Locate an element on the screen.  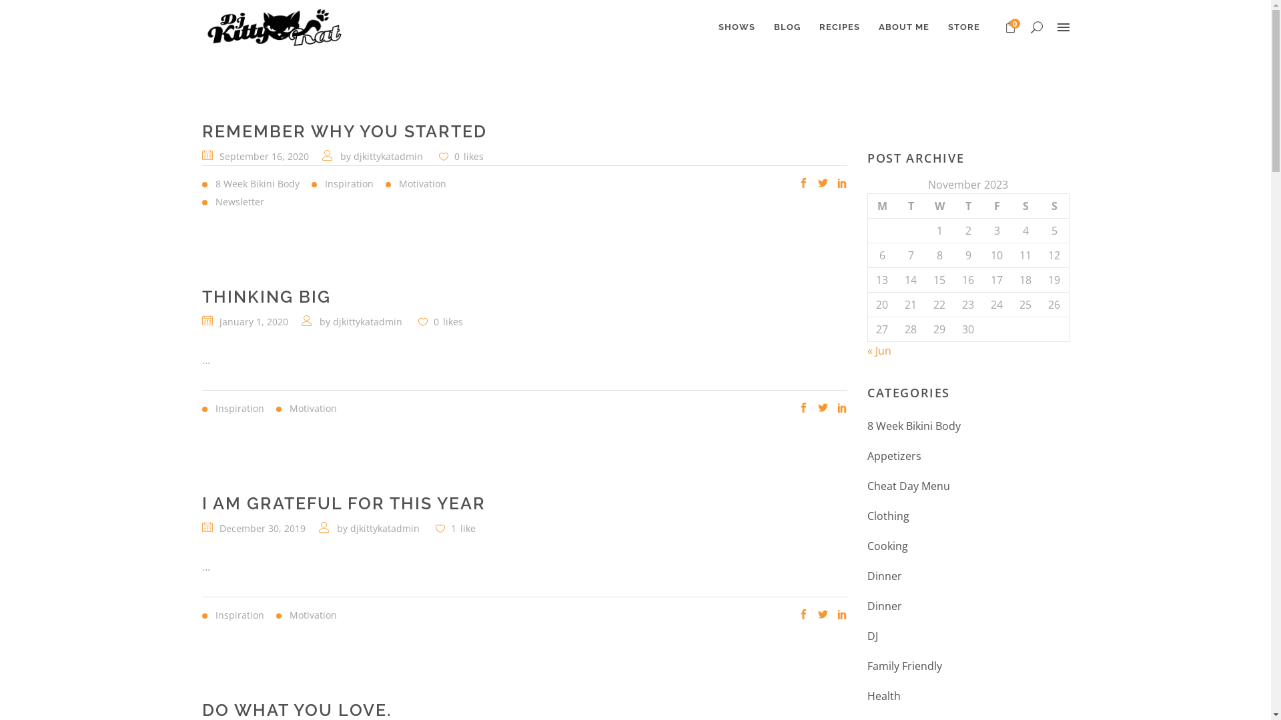
'0likes' is located at coordinates (461, 155).